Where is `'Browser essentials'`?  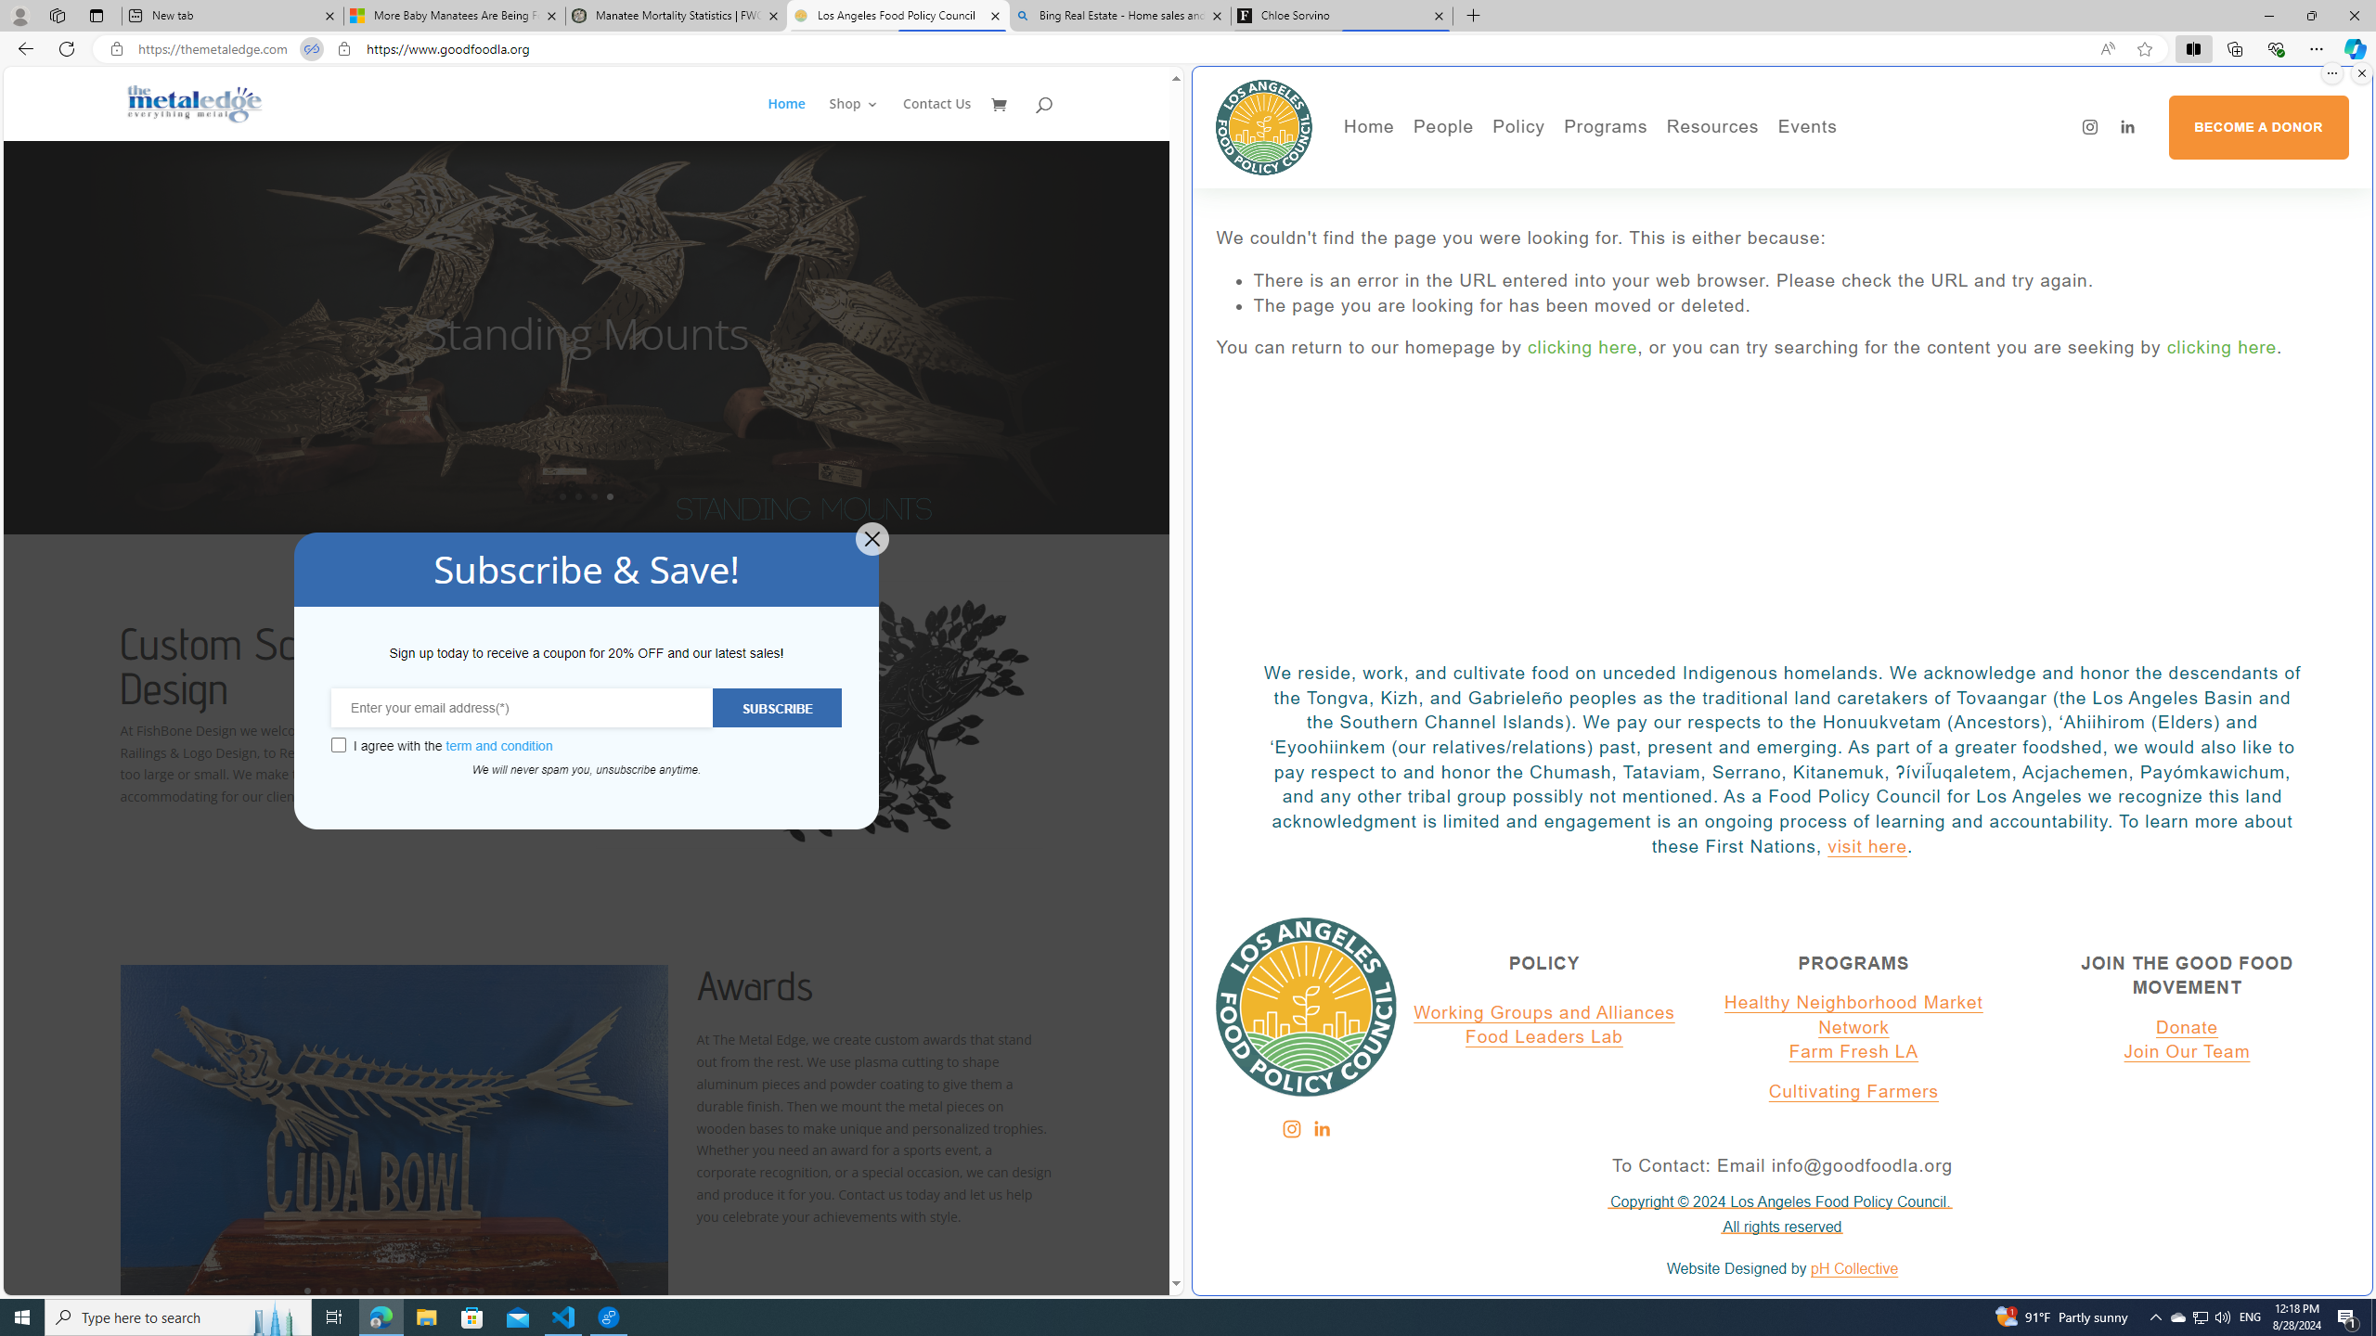
'Browser essentials' is located at coordinates (2275, 47).